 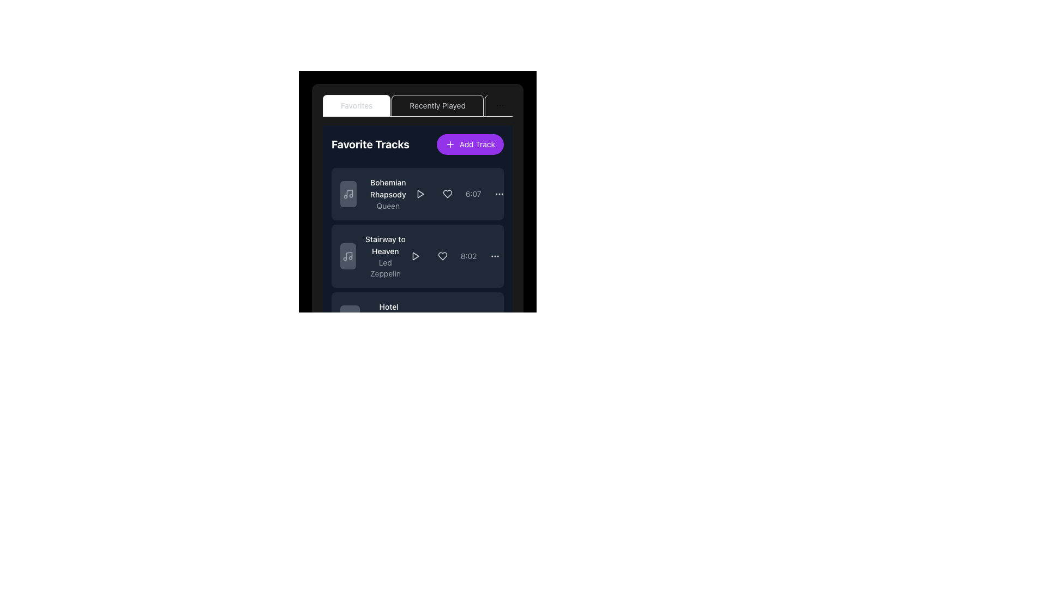 What do you see at coordinates (419, 193) in the screenshot?
I see `the play button for the track 'Bohemian Rhapsody' located to the right of the song title and above the duration '6:07'` at bounding box center [419, 193].